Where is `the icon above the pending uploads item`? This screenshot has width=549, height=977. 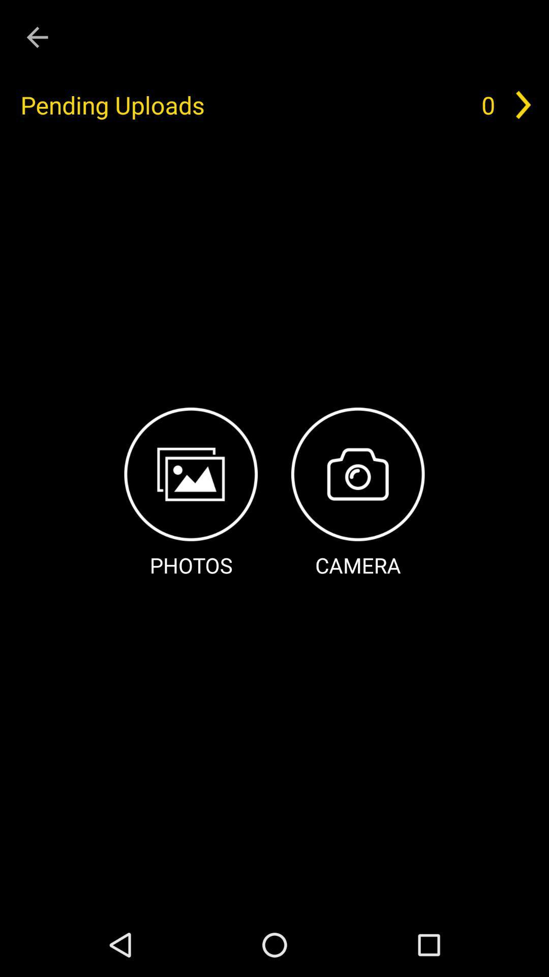 the icon above the pending uploads item is located at coordinates (37, 37).